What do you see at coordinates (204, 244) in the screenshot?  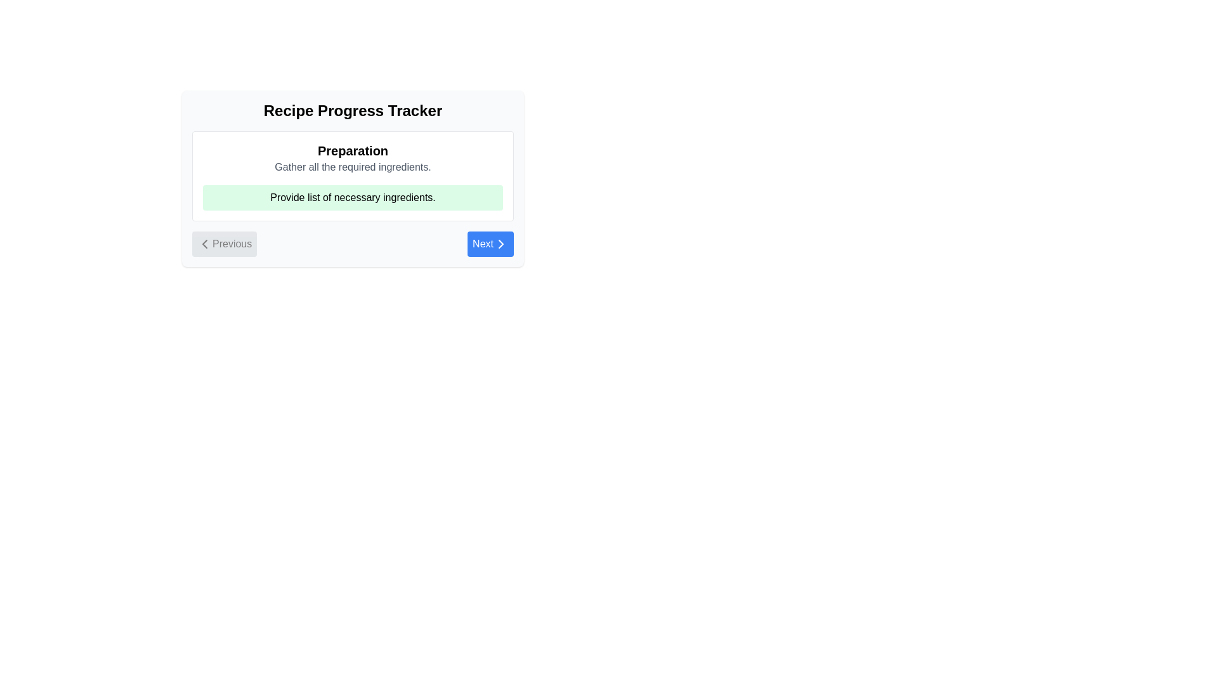 I see `the icon that is part of the 'Previous' button, located on the left side of the button at the bottom-left corner of the recipe progress tracker interface` at bounding box center [204, 244].